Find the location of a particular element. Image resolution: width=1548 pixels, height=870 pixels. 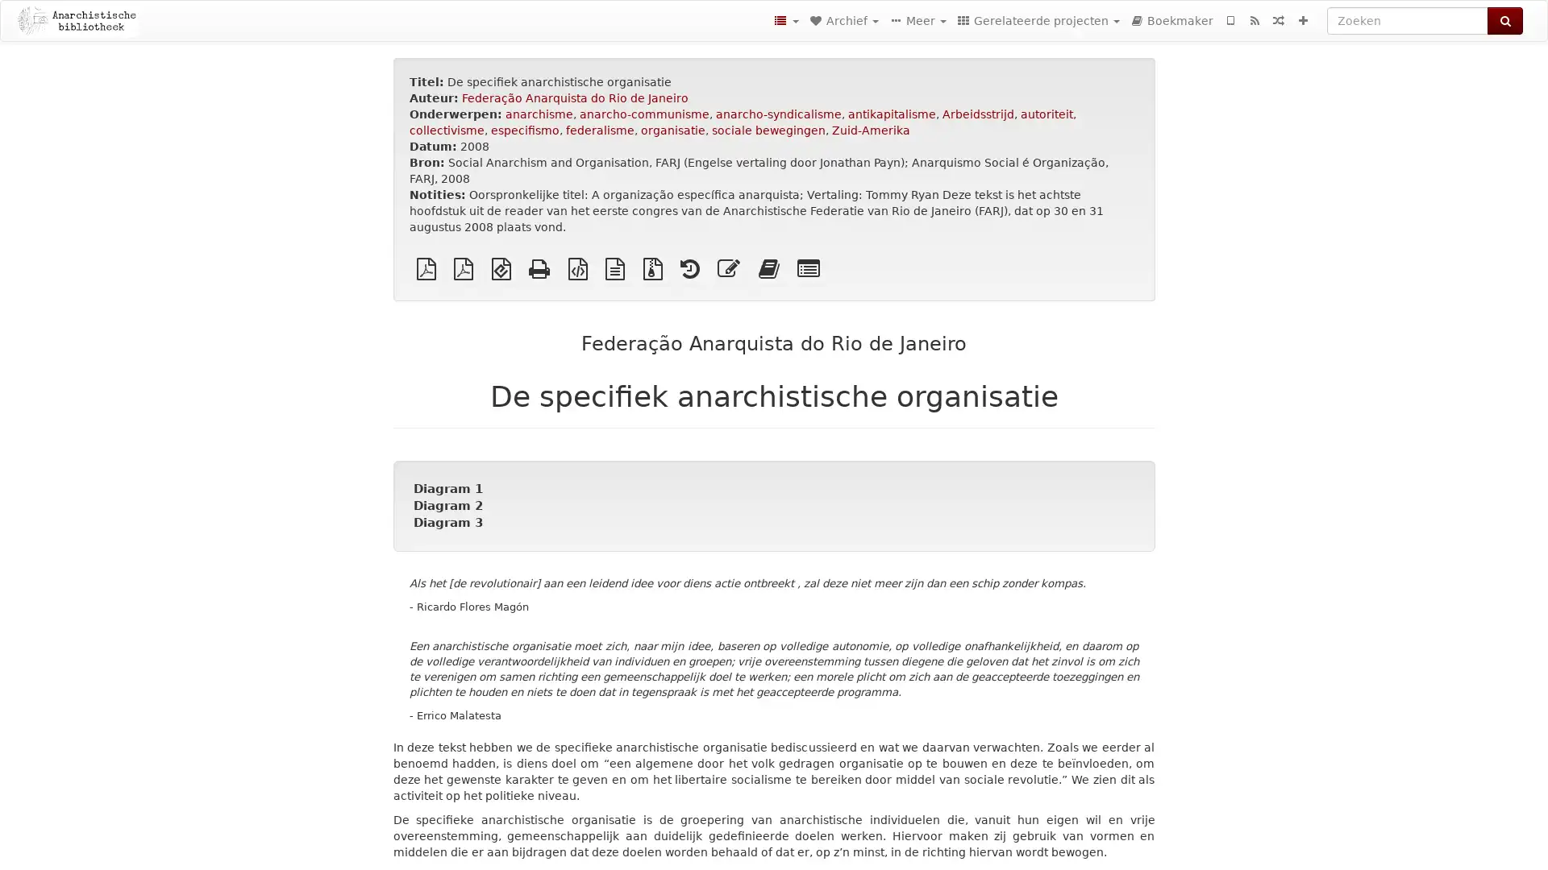

Zoeken is located at coordinates (1504, 21).